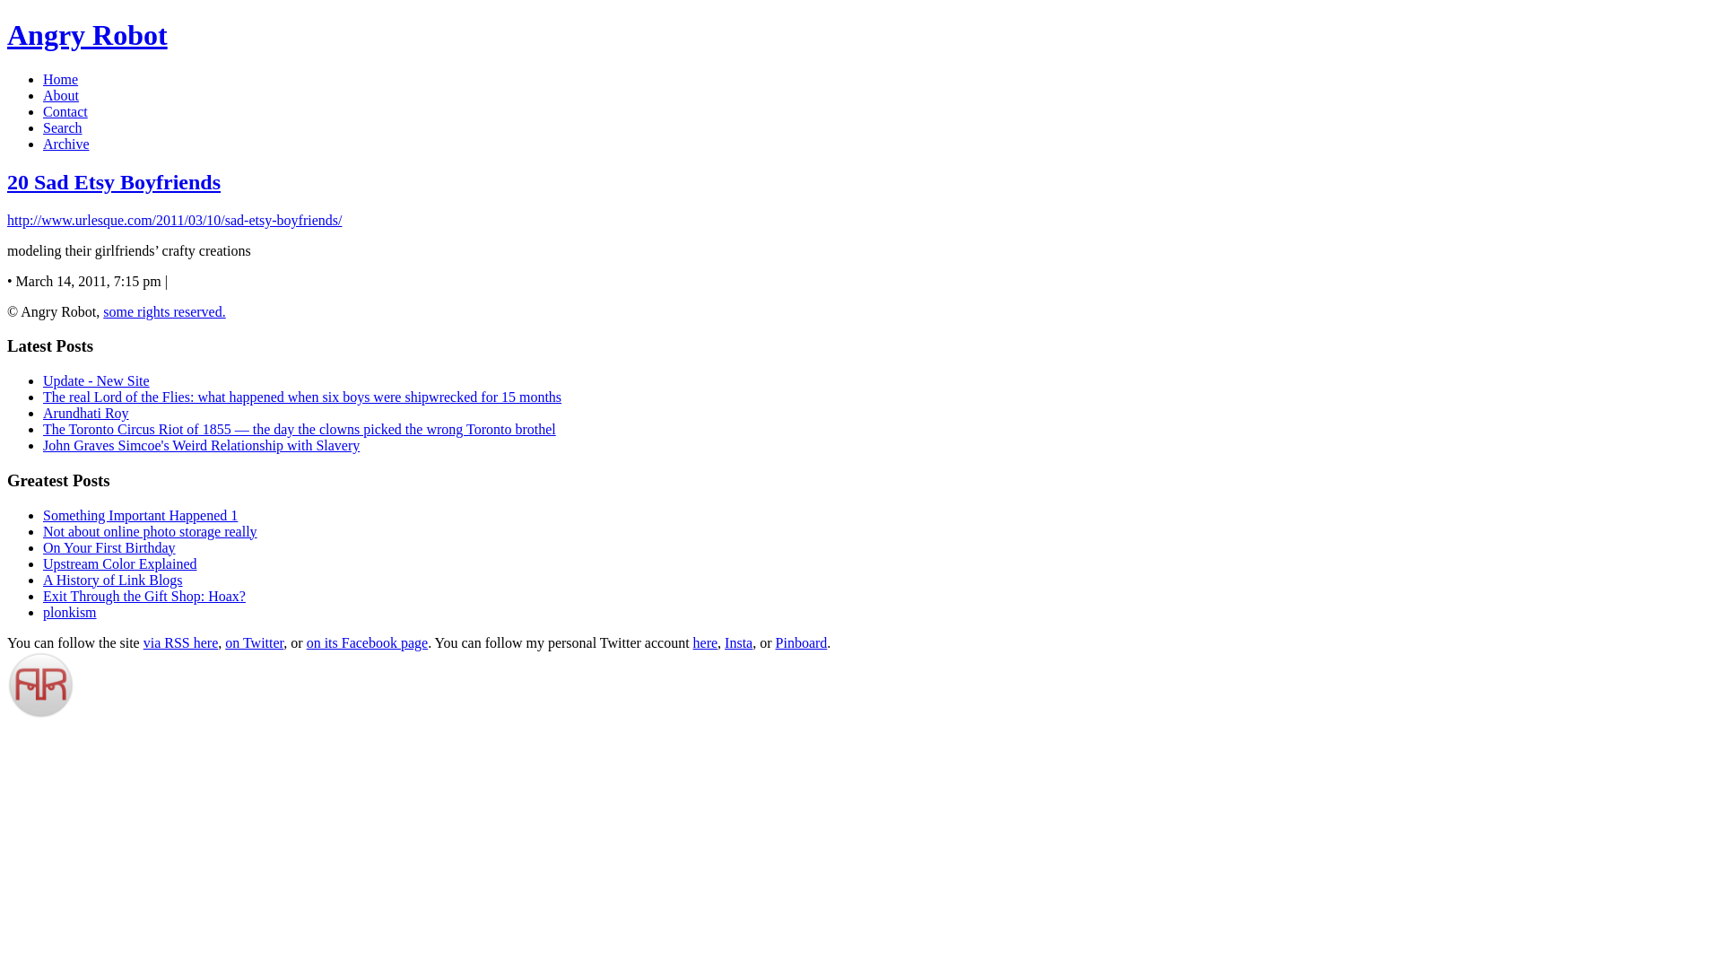 This screenshot has height=969, width=1722. What do you see at coordinates (800, 642) in the screenshot?
I see `'Pinboard'` at bounding box center [800, 642].